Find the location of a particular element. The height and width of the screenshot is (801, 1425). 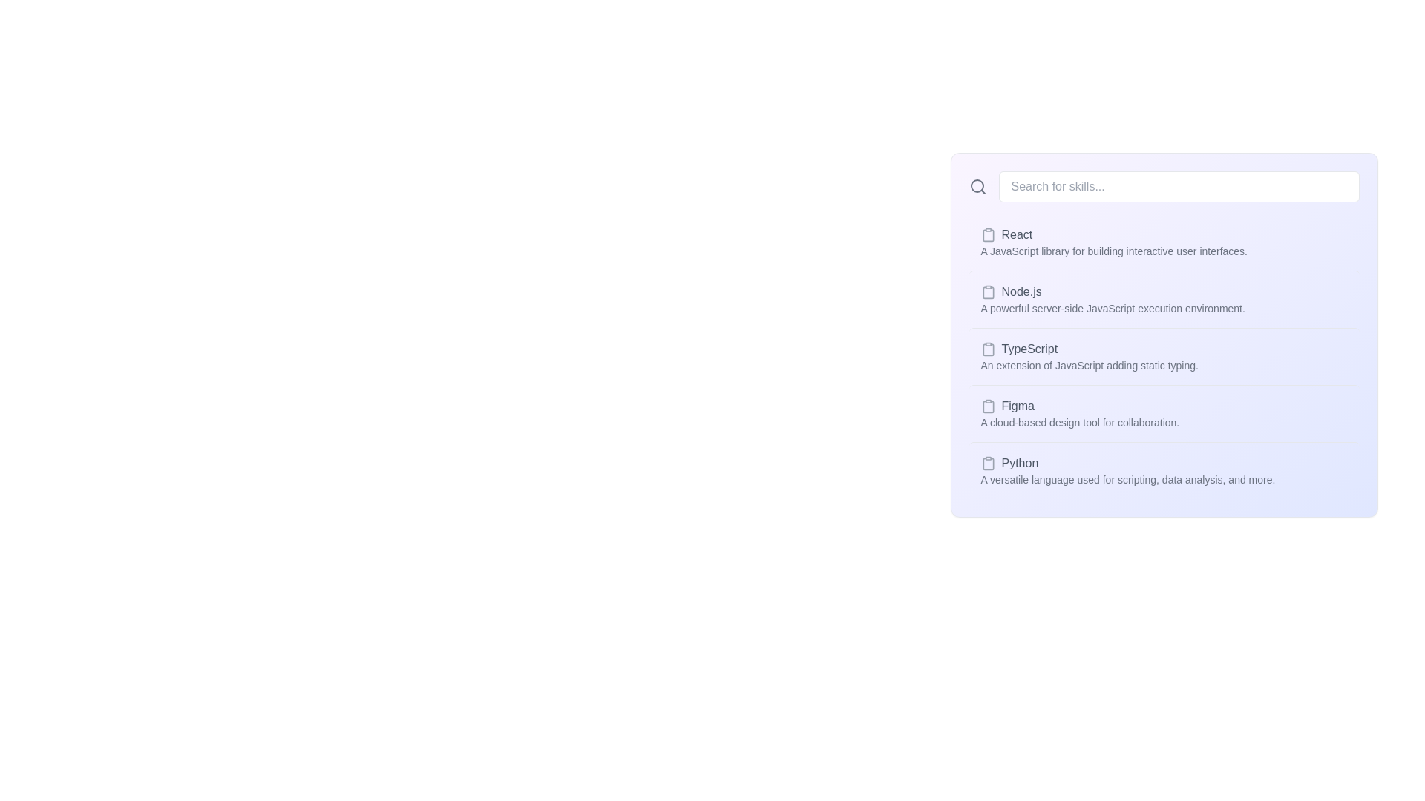

the 'Node.js' label element is located at coordinates (1113, 291).